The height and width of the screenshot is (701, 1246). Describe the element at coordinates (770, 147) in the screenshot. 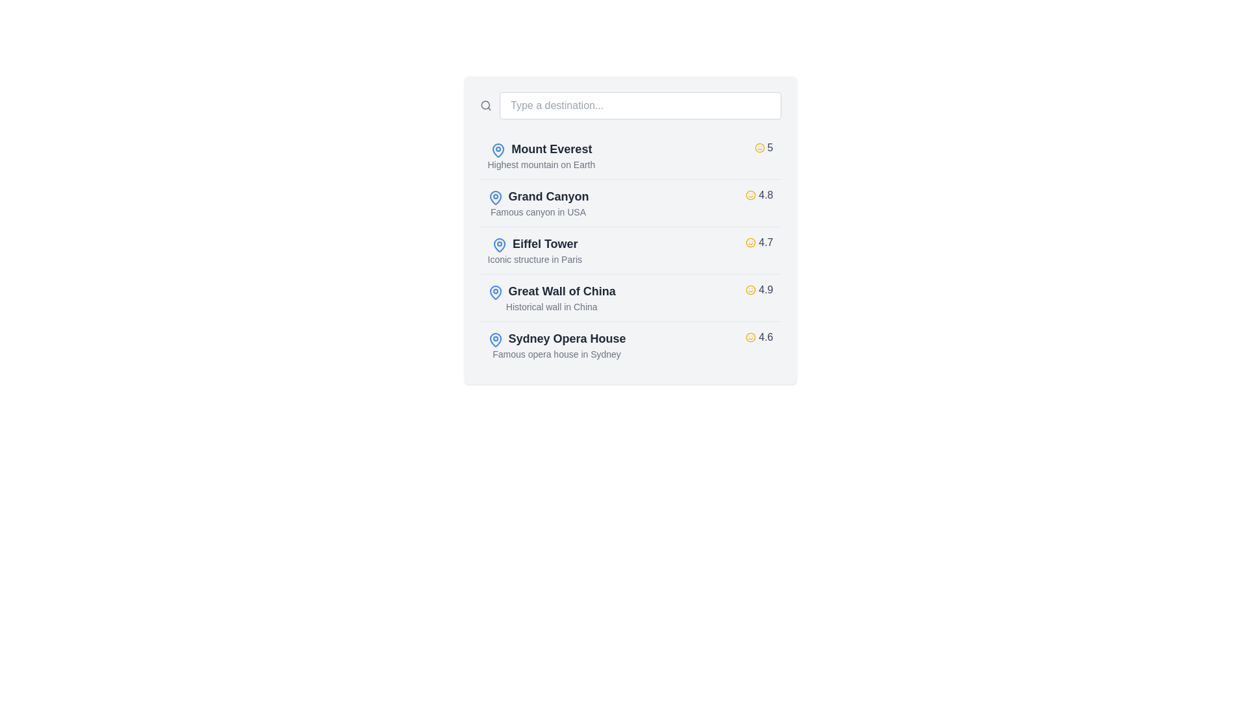

I see `displayed numeric rating for 'Mount Everest' from the text label located to the right of the yellow smiling face icon` at that location.